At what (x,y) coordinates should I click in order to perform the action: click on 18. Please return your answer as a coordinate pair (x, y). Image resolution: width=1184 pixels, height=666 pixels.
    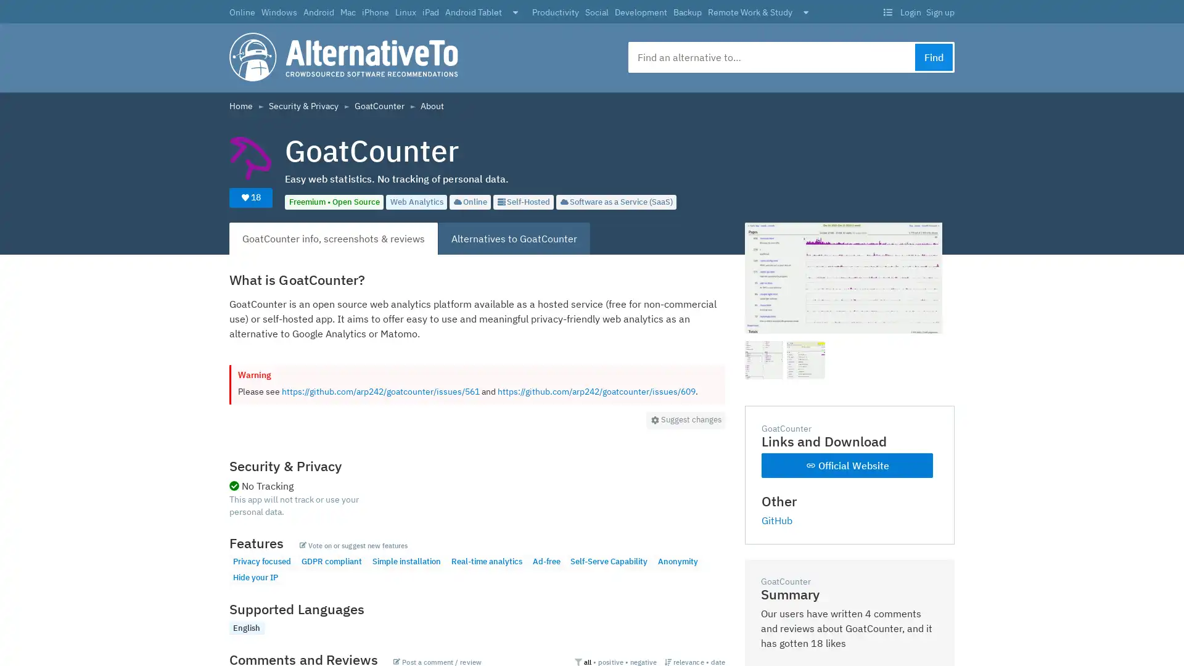
    Looking at the image, I should click on (250, 197).